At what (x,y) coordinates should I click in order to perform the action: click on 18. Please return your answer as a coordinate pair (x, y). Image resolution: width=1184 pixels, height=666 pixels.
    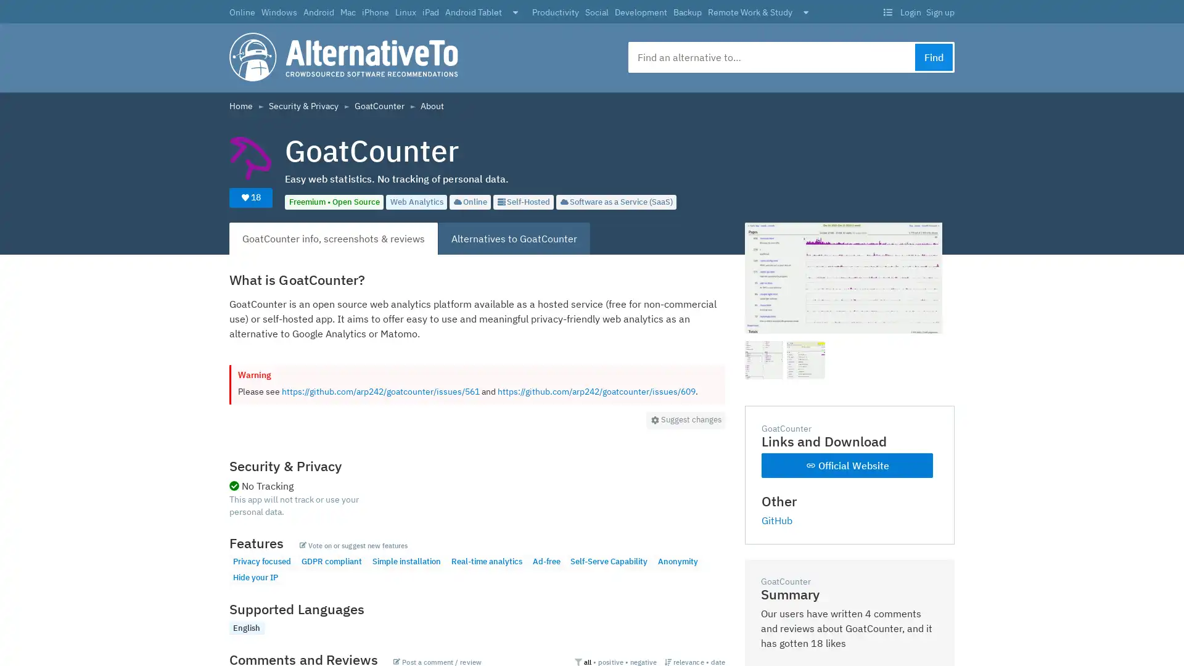
    Looking at the image, I should click on (250, 197).